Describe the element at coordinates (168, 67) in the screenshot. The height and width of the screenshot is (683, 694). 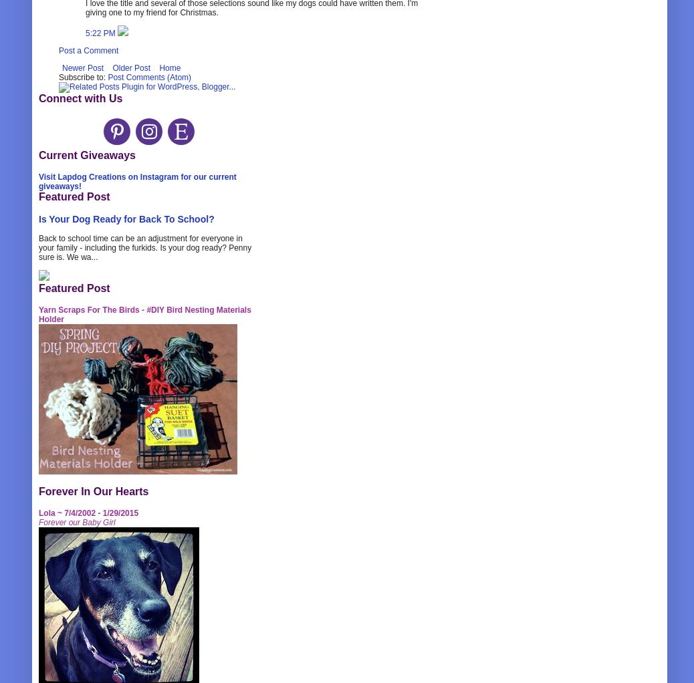
I see `'Home'` at that location.